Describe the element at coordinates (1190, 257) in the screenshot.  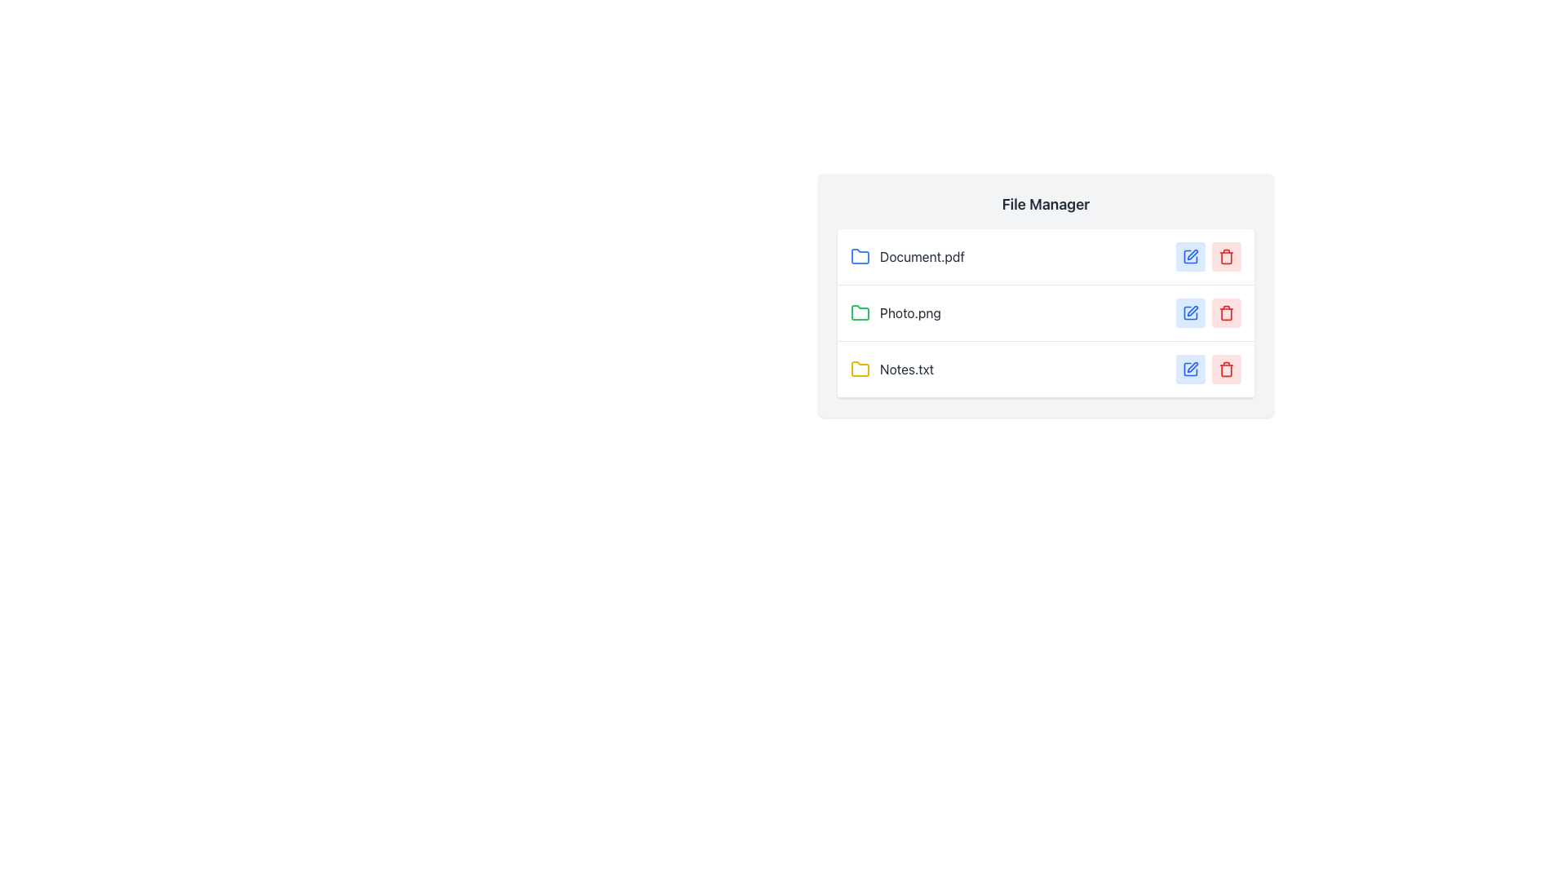
I see `the icon associated with the 'Photo.png' file, located in the third row of buttons` at that location.